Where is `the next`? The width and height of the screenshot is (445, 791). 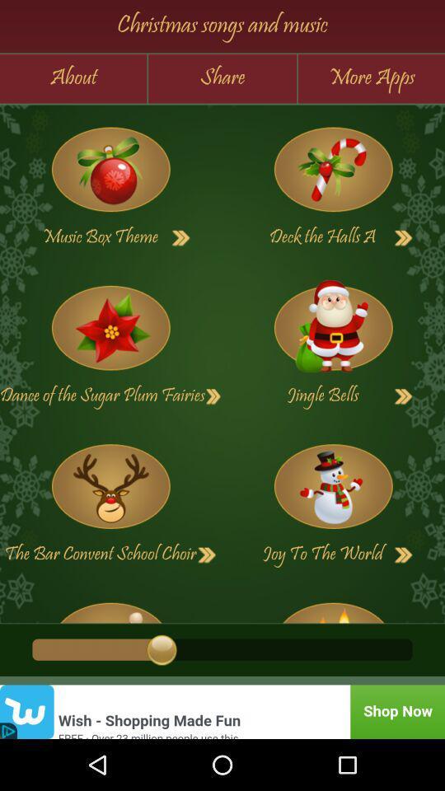
the next is located at coordinates (333, 327).